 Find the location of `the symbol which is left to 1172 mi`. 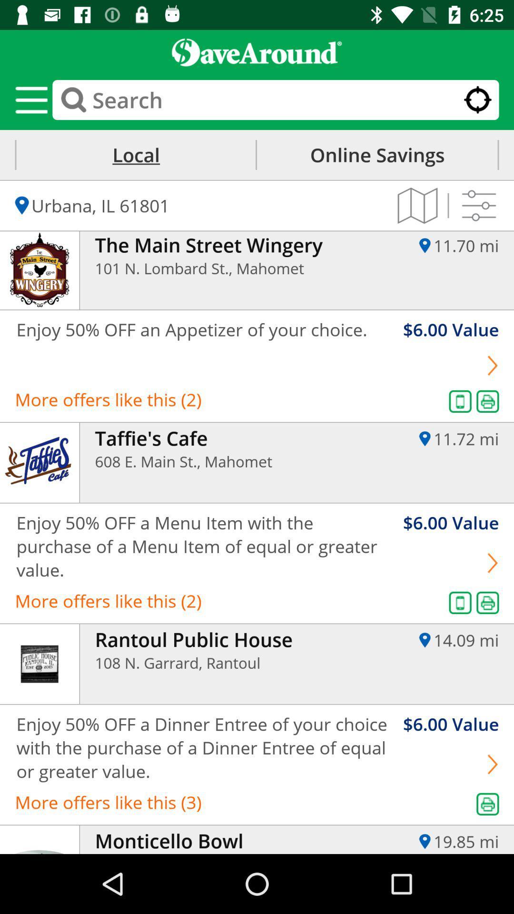

the symbol which is left to 1172 mi is located at coordinates (425, 438).